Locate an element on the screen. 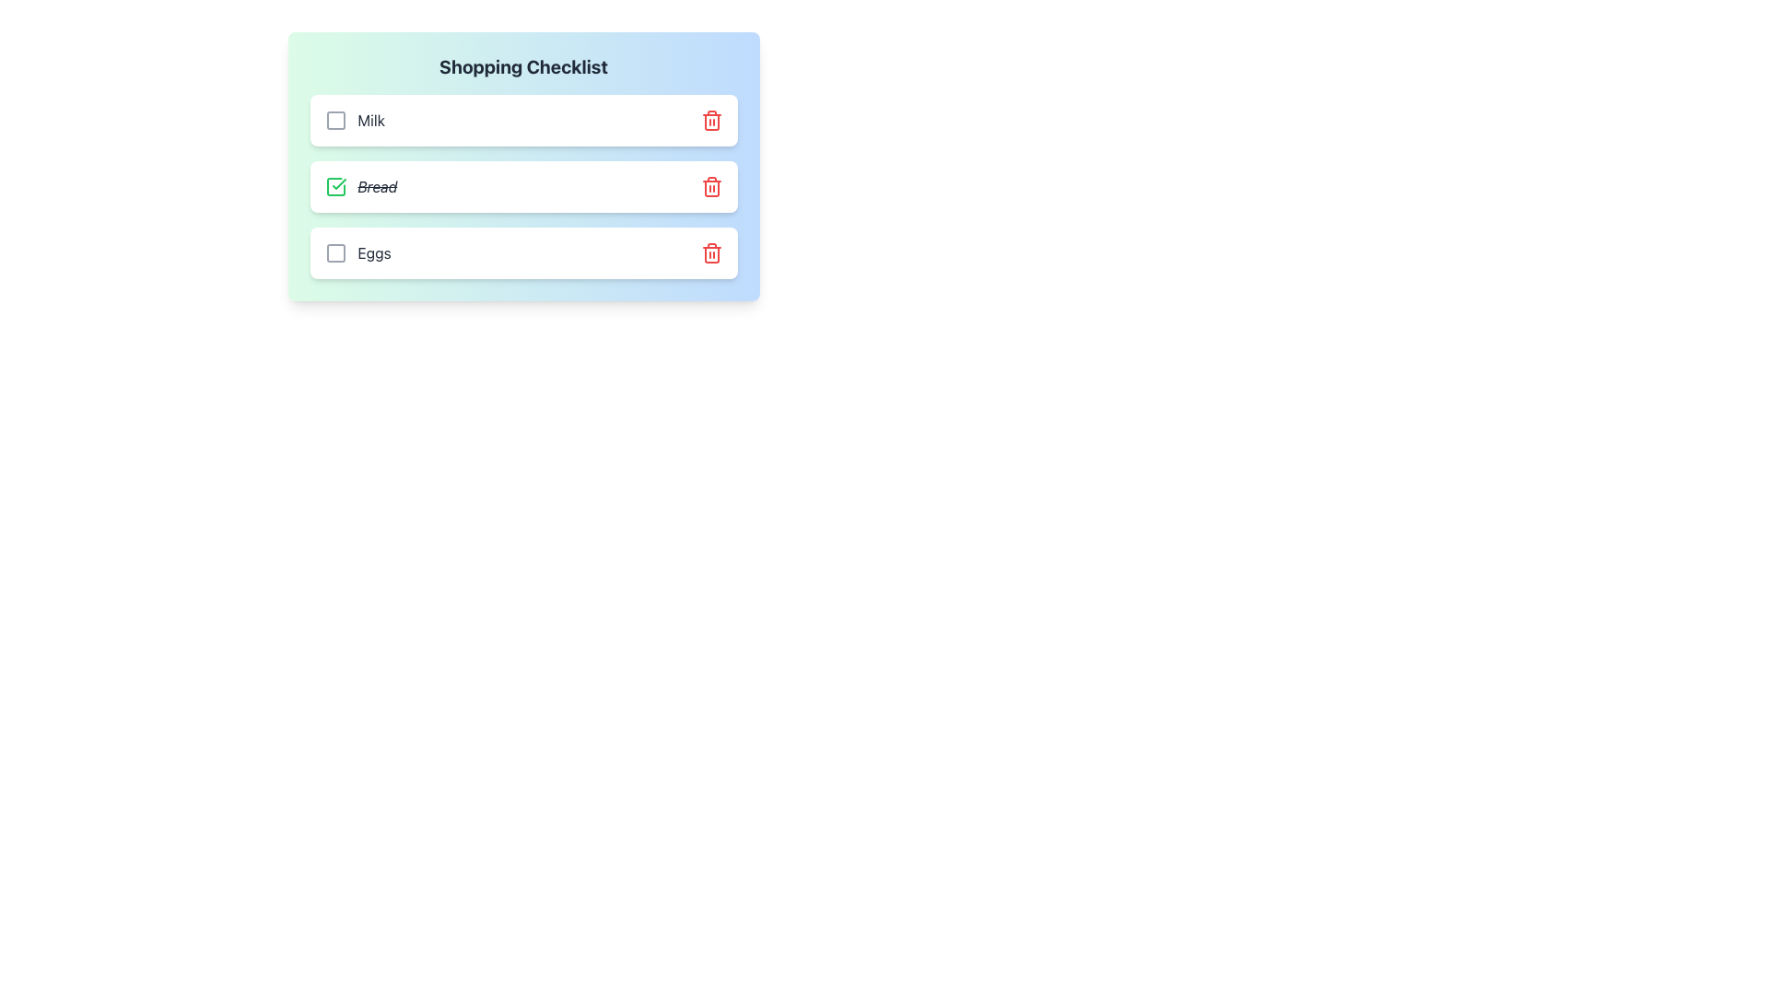  the checkbox placeholder for the 'Eggs' checklist item, which is a gray square-shaped icon located to the left of the text 'Eggs' is located at coordinates (335, 252).